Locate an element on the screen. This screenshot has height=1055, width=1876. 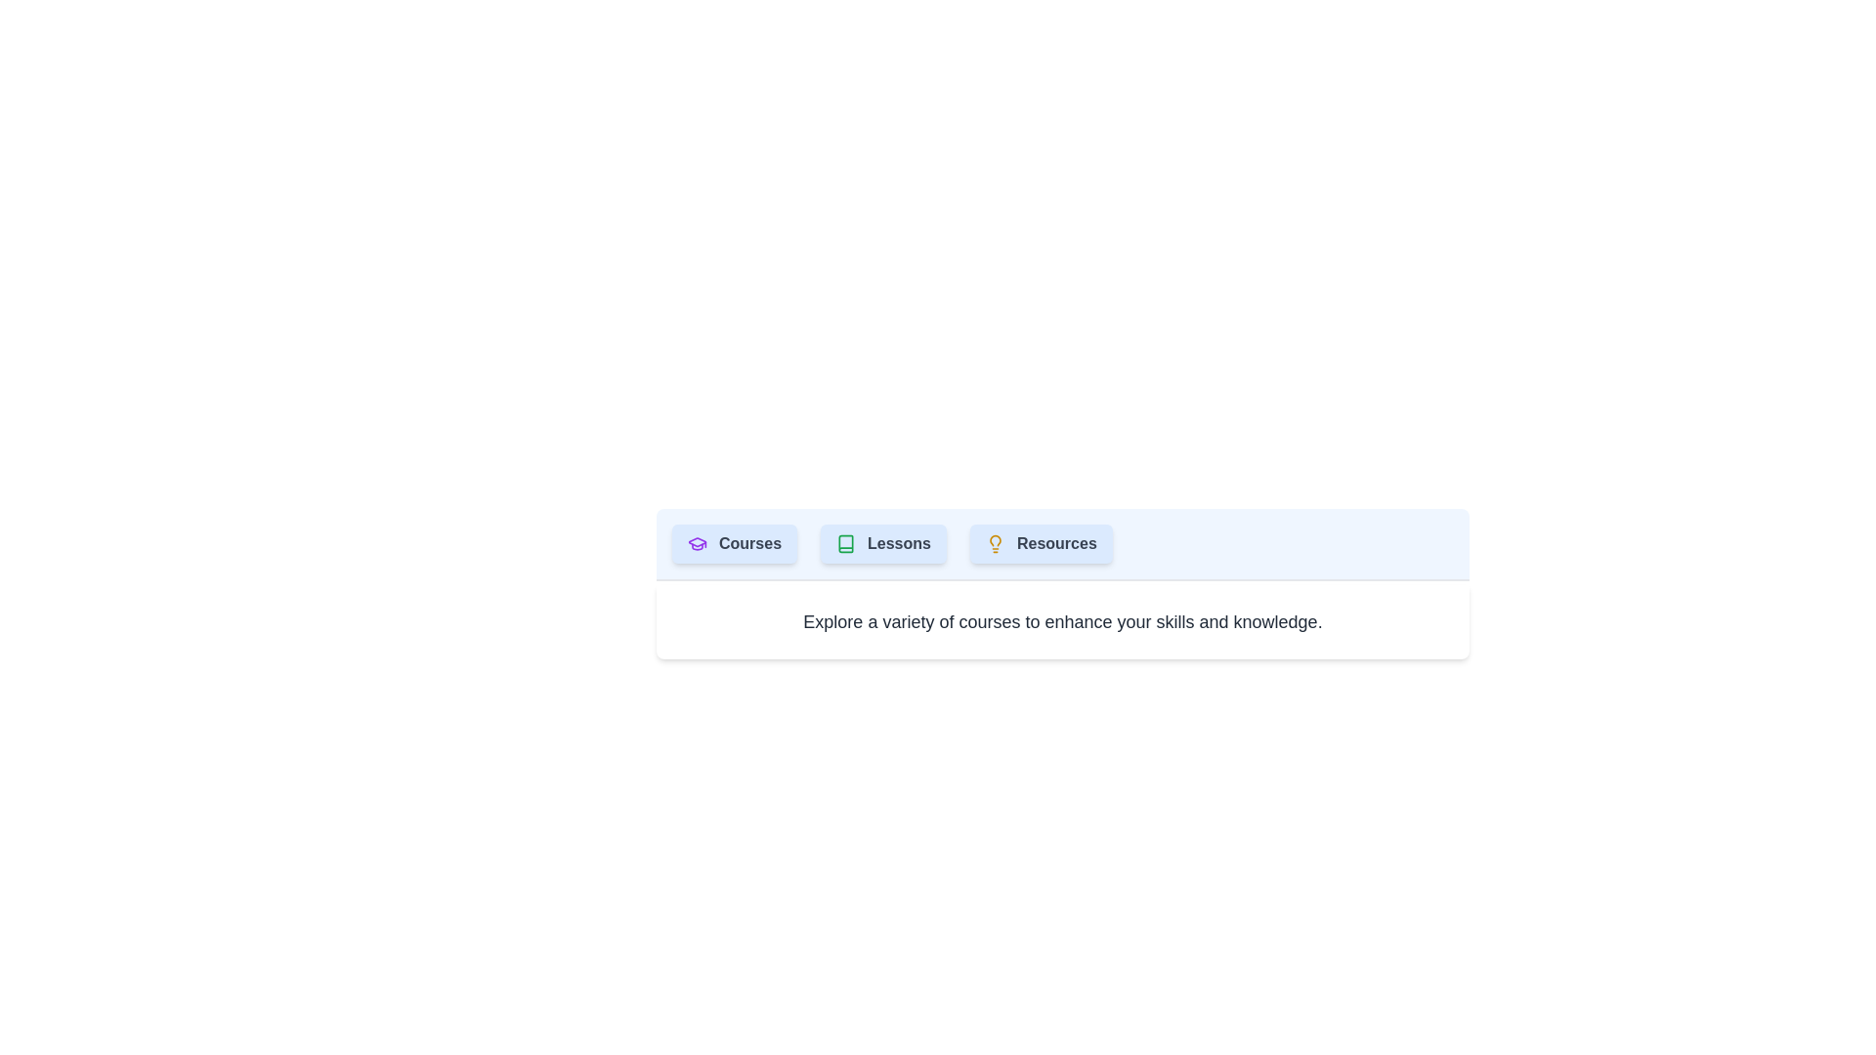
the Resources tab to display its content is located at coordinates (1040, 543).